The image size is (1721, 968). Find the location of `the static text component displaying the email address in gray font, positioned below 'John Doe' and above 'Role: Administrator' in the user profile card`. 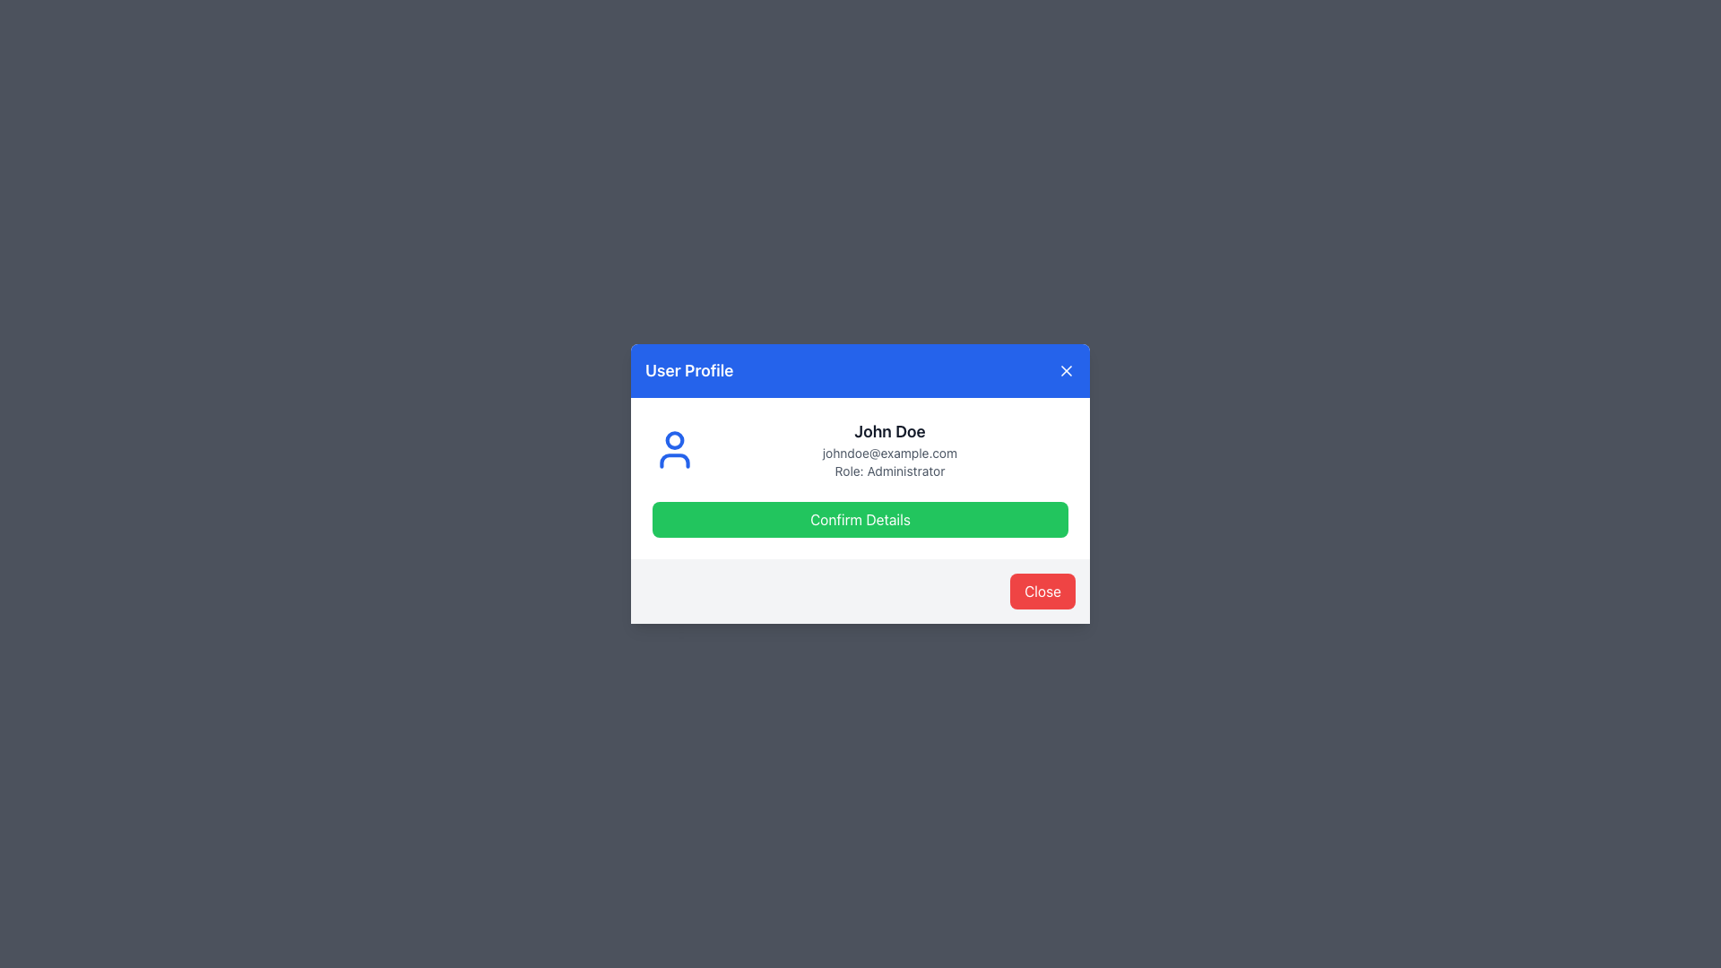

the static text component displaying the email address in gray font, positioned below 'John Doe' and above 'Role: Administrator' in the user profile card is located at coordinates (890, 452).